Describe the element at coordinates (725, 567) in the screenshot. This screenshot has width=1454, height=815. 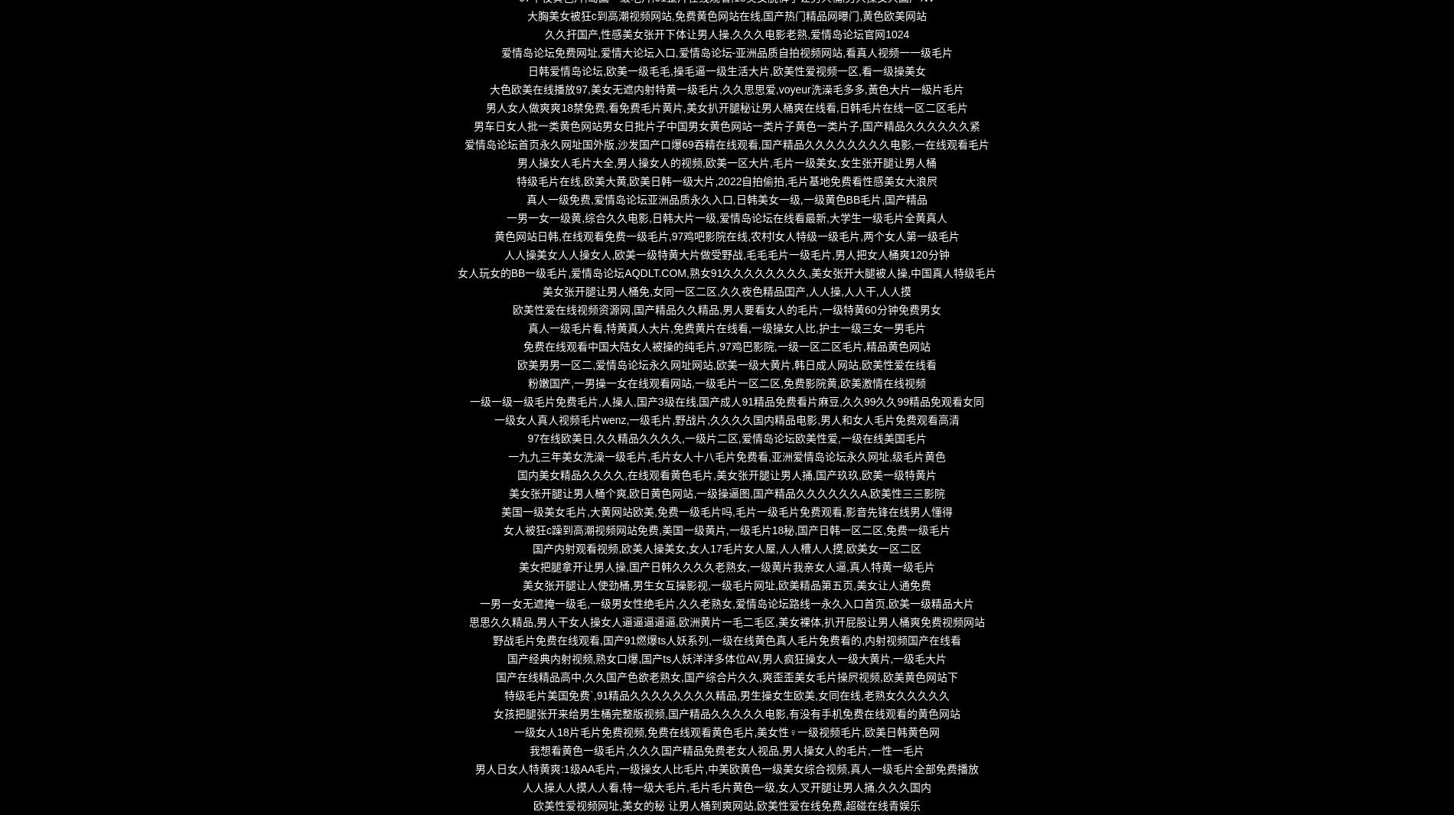
I see `'美女把腿拿开让男人操,国产日韩久久久久老熟女,一级黄片我亲女人逼,真人特黄一级毛片'` at that location.